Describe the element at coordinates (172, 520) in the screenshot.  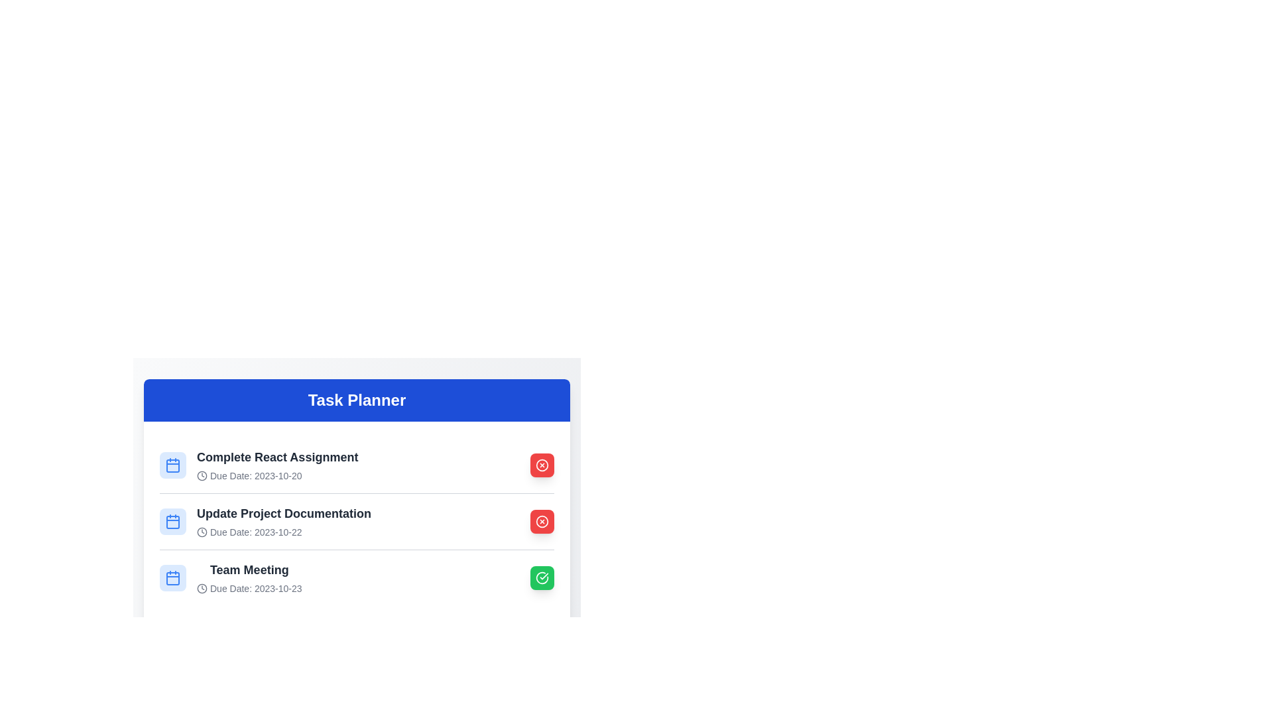
I see `the small rounded rectangle icon with a light blue background containing a blue outlined calendar icon, positioned to the left of the text 'Update Project Documentation' in the second row of task items in the 'Task Planner' section` at that location.